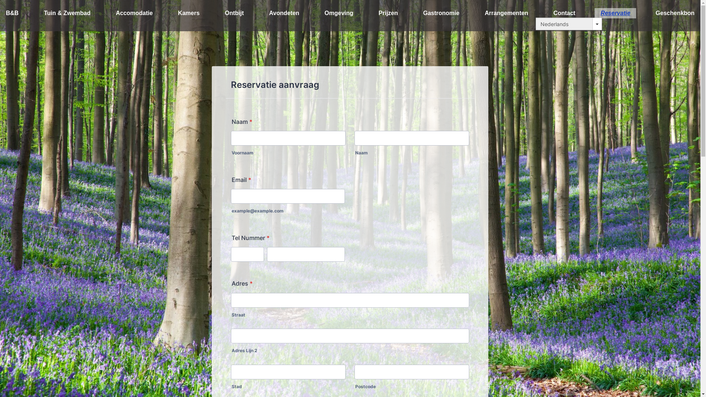  I want to click on 'Geschenkbon', so click(675, 13).